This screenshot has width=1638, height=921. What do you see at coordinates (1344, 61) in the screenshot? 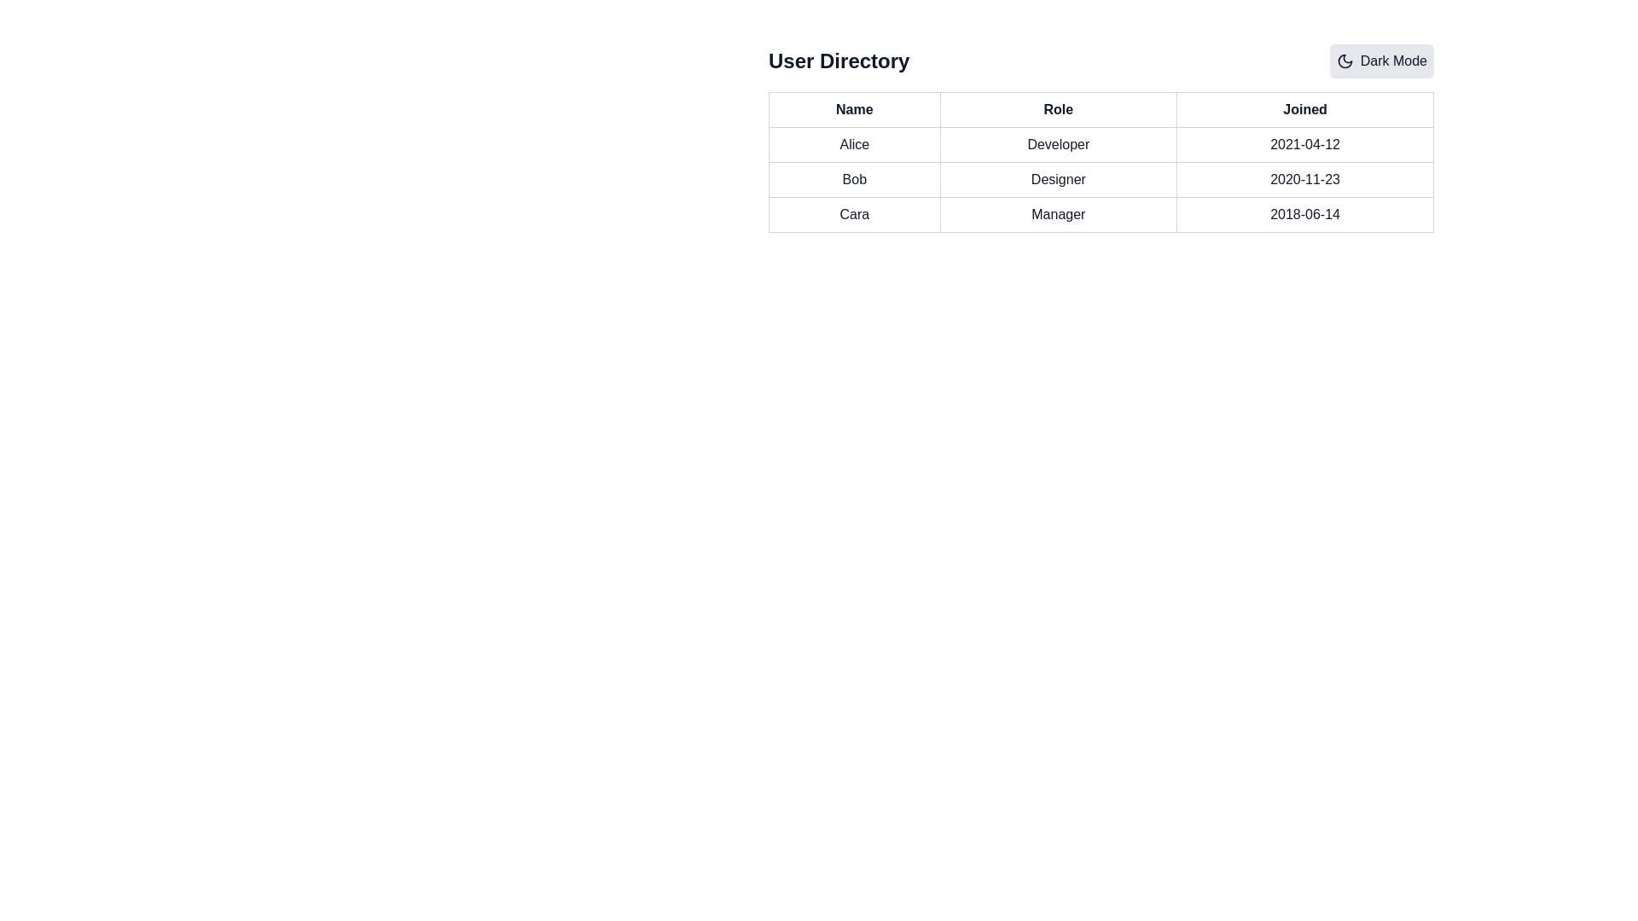
I see `the crescent moon icon, which serves as the dark mode toggle feature located near the top-right corner of the interface` at bounding box center [1344, 61].